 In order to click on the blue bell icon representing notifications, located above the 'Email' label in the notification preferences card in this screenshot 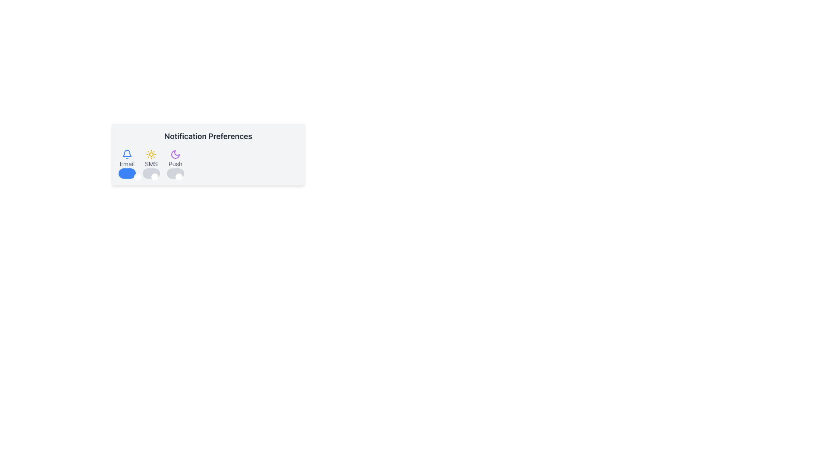, I will do `click(126, 154)`.